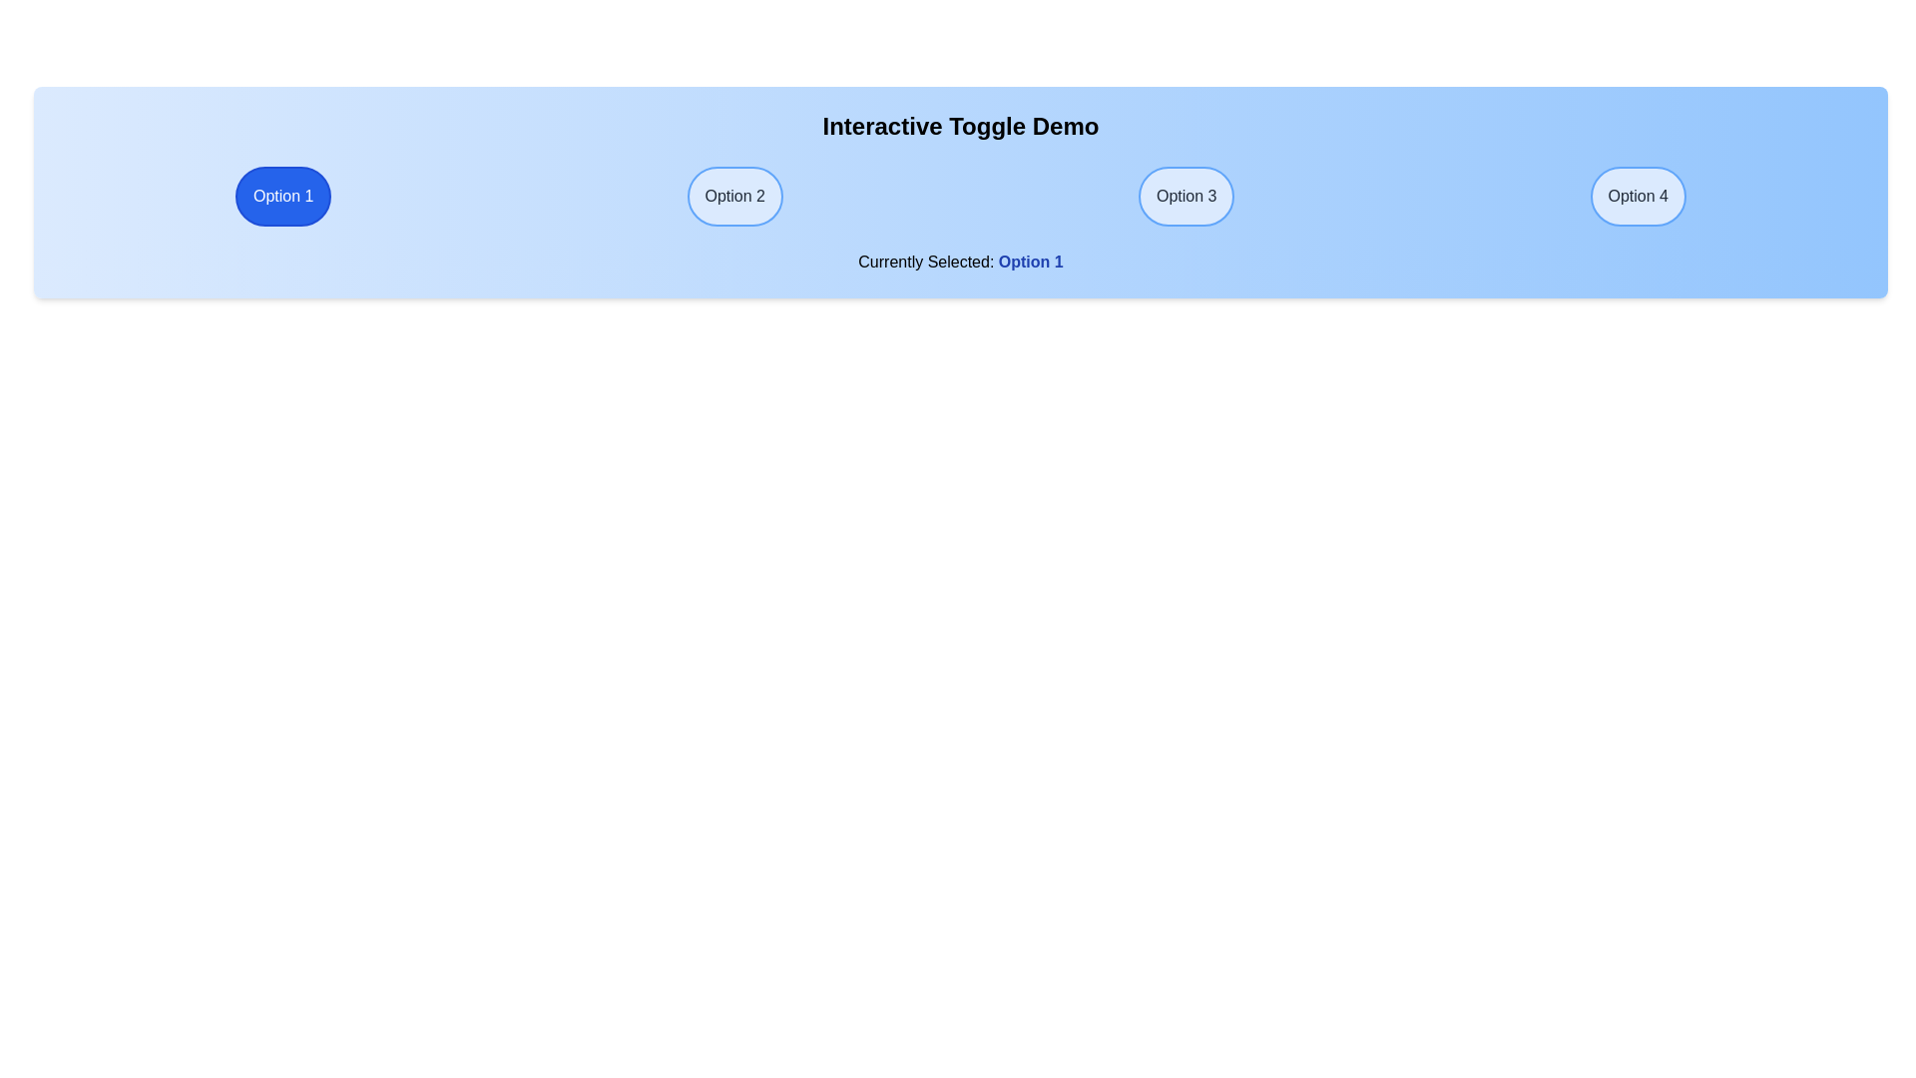 The image size is (1916, 1078). I want to click on the option Option 2 to select it, so click(734, 196).